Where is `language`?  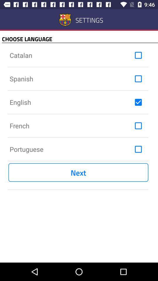 language is located at coordinates (138, 102).